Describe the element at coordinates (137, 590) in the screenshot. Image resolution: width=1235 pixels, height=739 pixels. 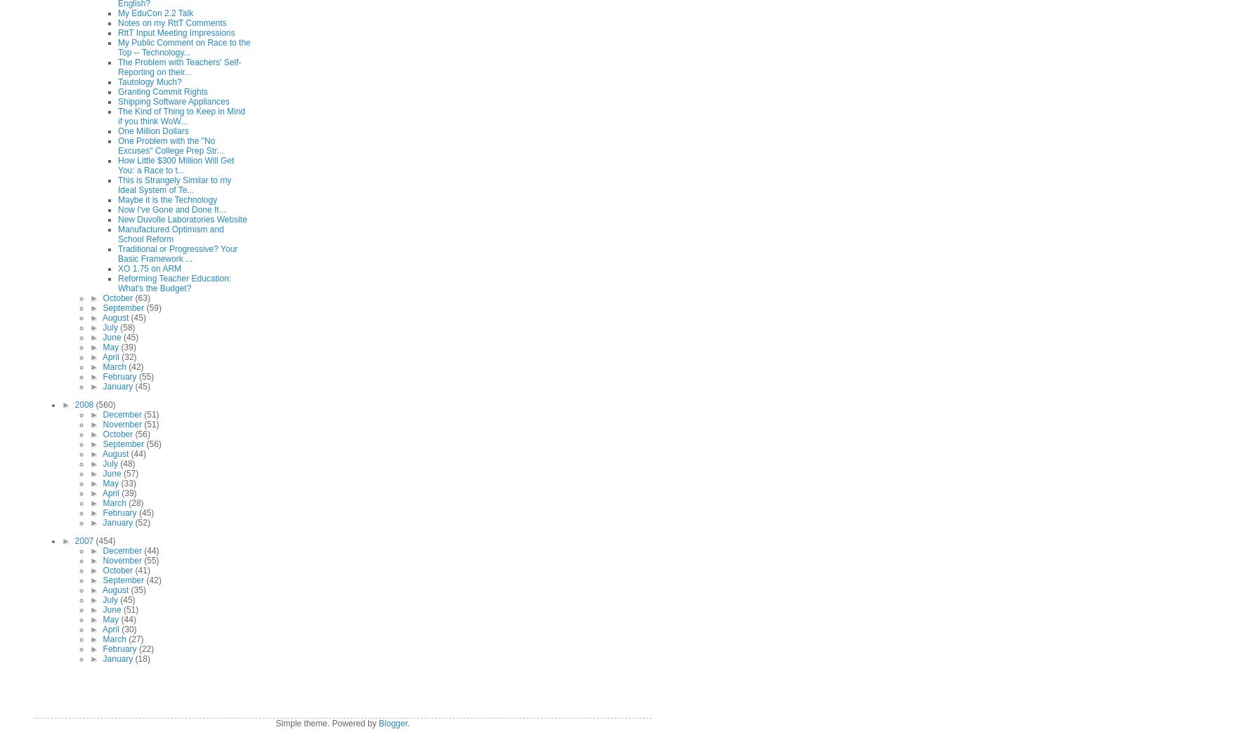
I see `'(35)'` at that location.